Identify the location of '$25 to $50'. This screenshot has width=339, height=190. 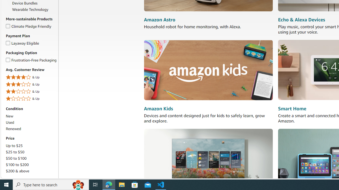
(15, 152).